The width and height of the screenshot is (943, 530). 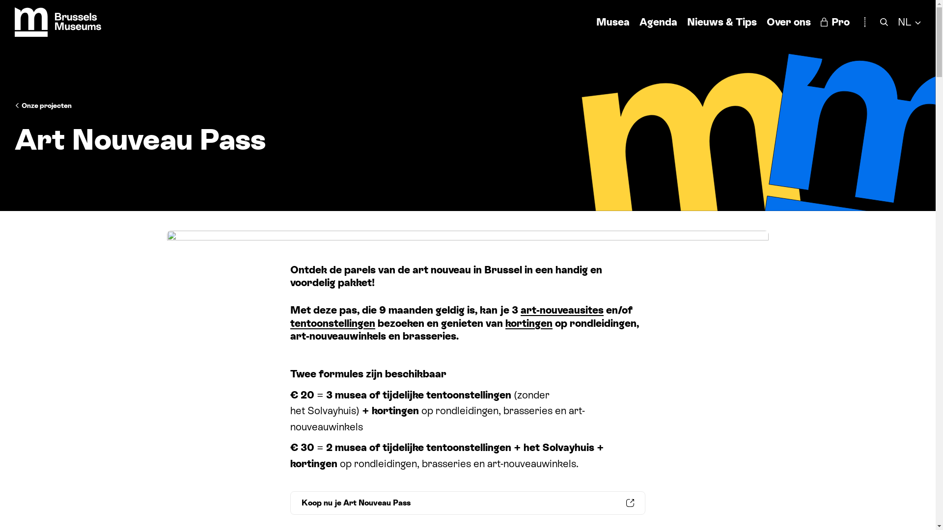 What do you see at coordinates (834, 22) in the screenshot?
I see `'Pro'` at bounding box center [834, 22].